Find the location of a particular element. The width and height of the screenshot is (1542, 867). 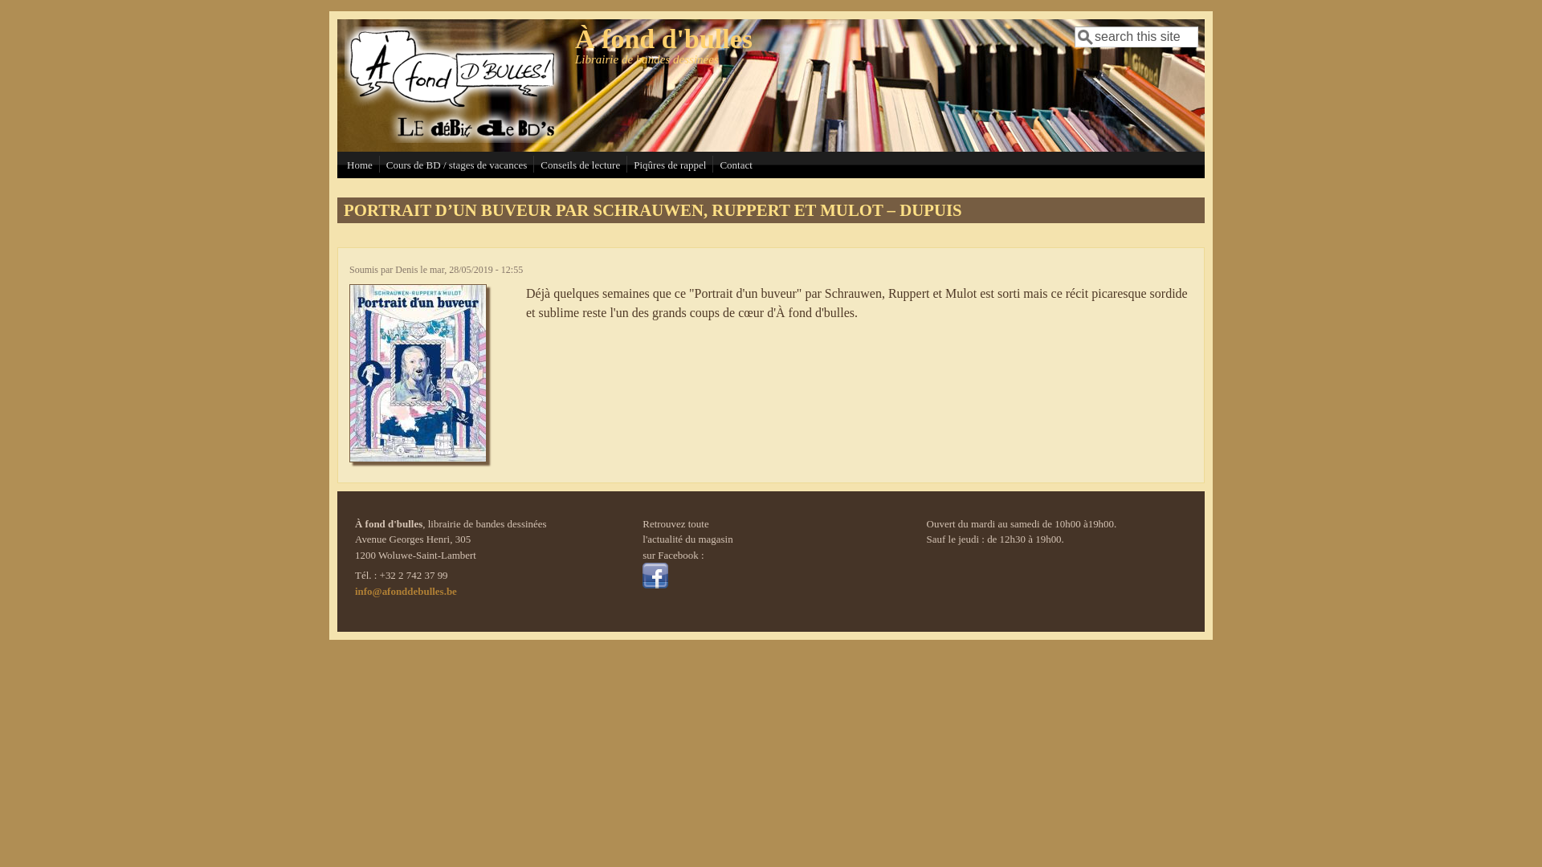

'Cours de BD / stages de vacances' is located at coordinates (381, 165).